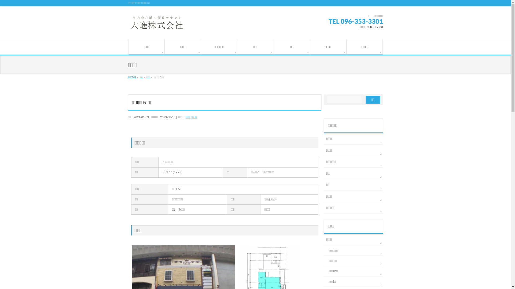 This screenshot has height=289, width=515. What do you see at coordinates (132, 77) in the screenshot?
I see `'HOME'` at bounding box center [132, 77].